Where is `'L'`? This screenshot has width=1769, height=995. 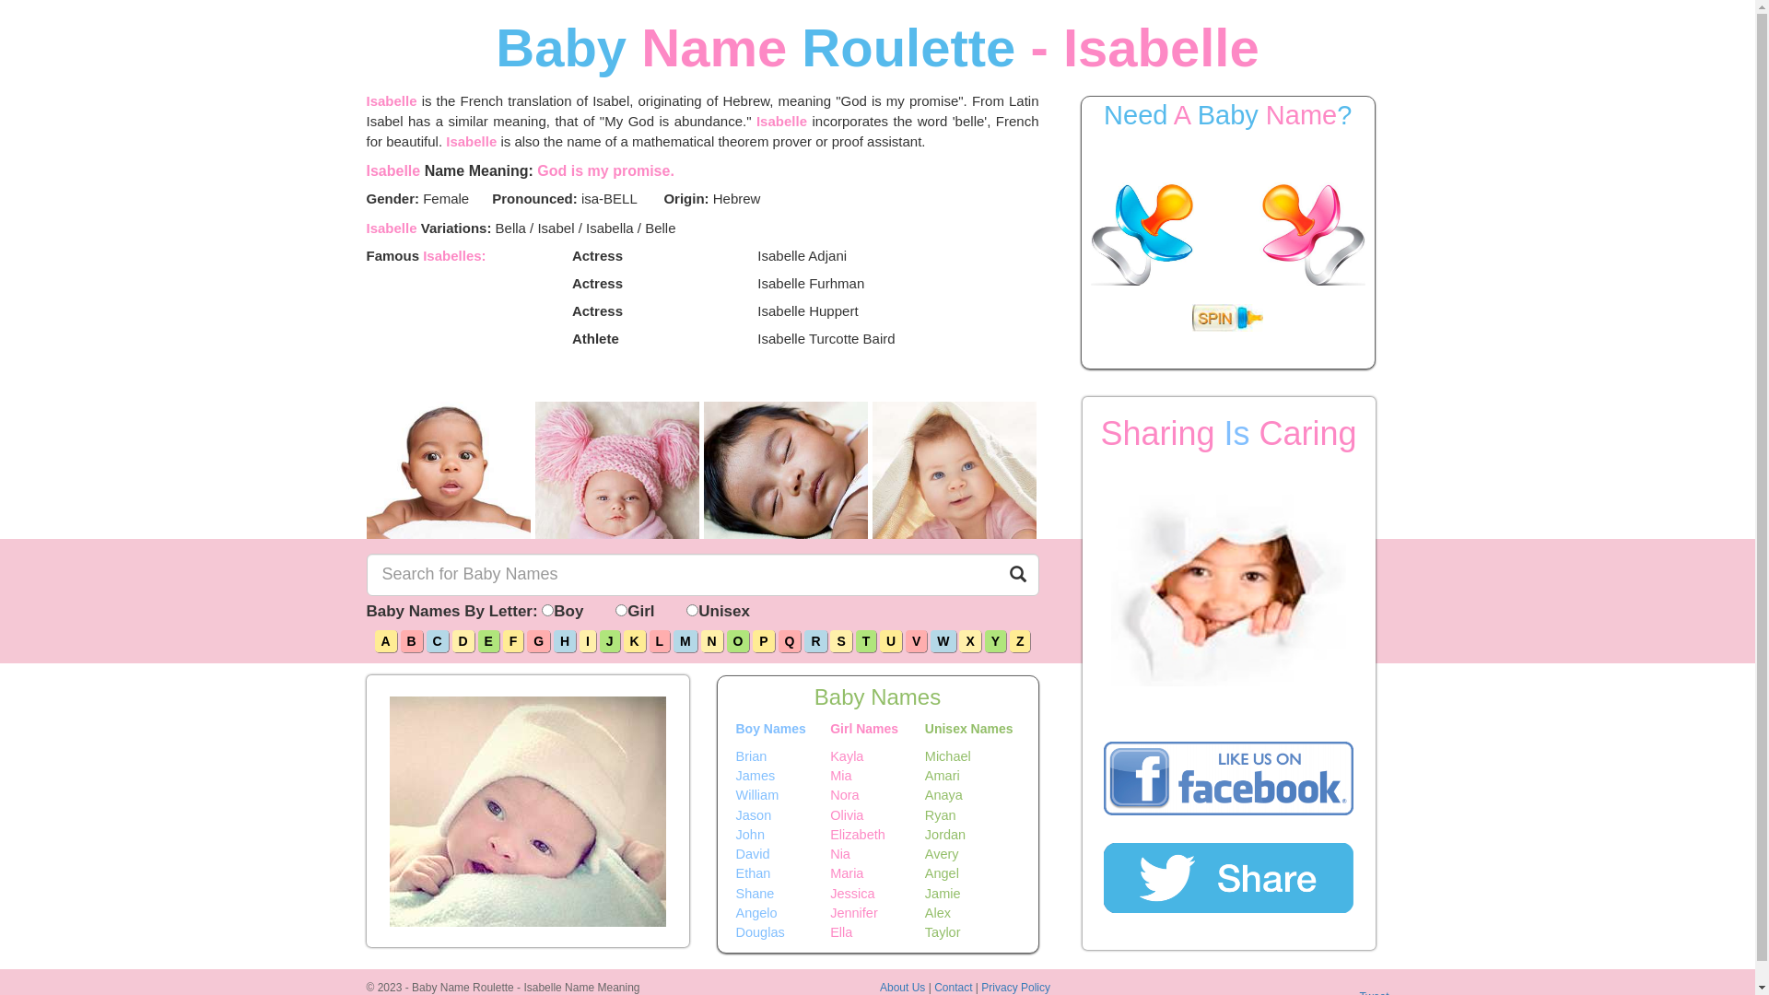 'L' is located at coordinates (650, 639).